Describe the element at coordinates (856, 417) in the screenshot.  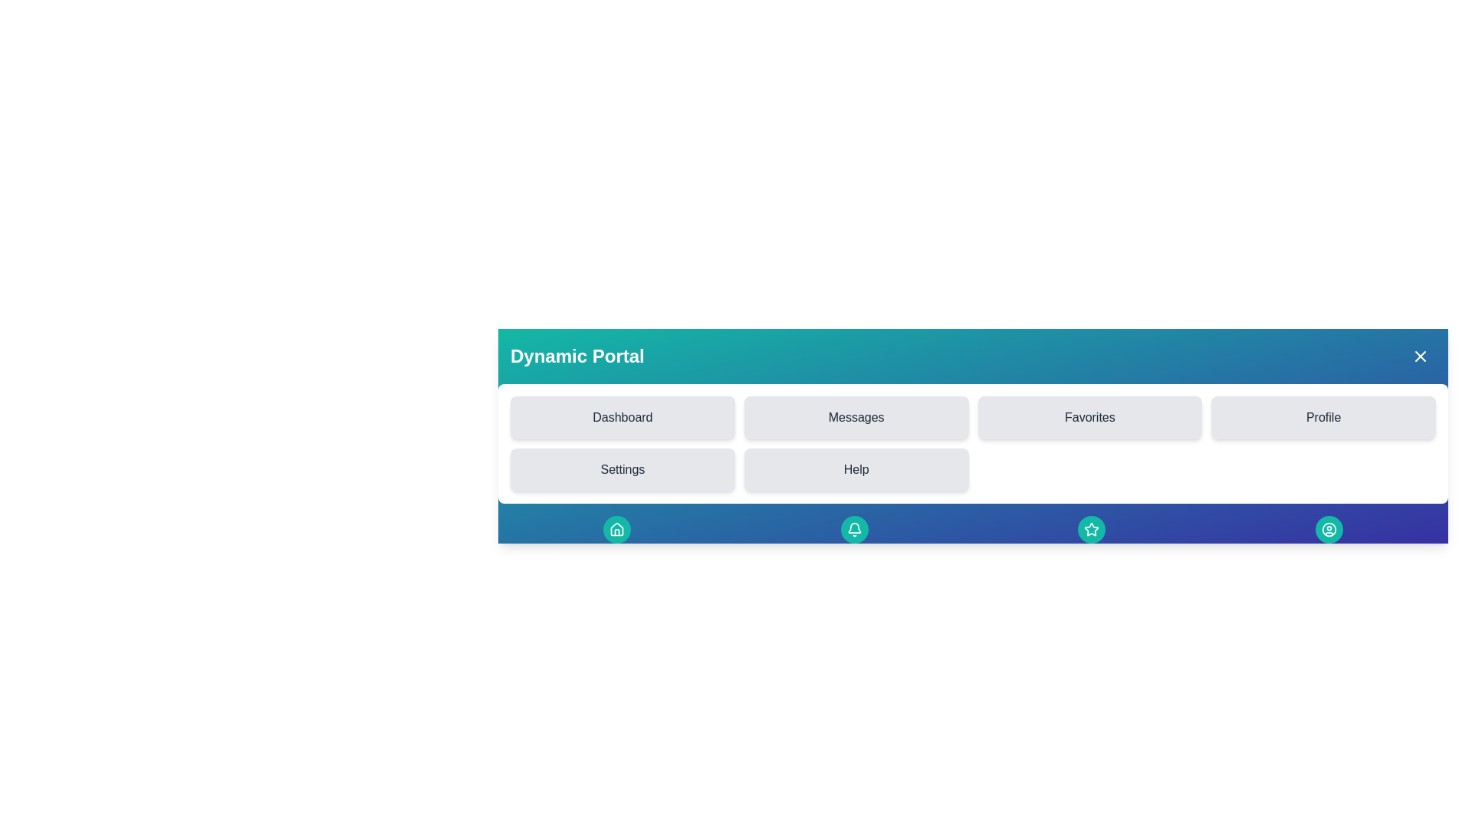
I see `the menu item labeled Messages to navigate to the corresponding section` at that location.